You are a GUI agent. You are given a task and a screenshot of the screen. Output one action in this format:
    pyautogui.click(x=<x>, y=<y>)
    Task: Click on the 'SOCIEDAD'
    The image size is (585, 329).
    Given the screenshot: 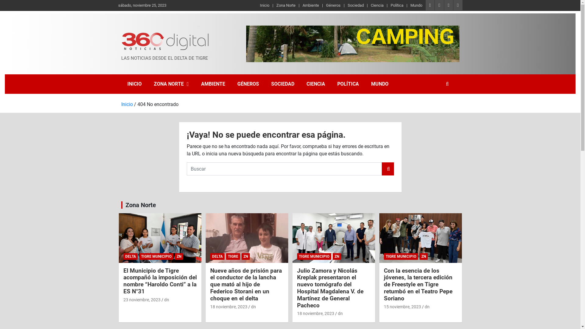 What is the action you would take?
    pyautogui.click(x=282, y=84)
    